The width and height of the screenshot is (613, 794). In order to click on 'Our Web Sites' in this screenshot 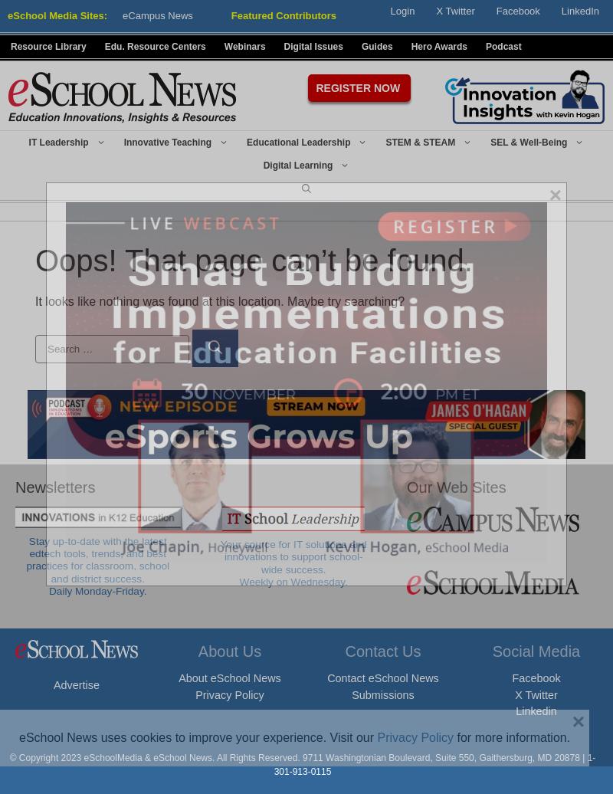, I will do `click(455, 487)`.